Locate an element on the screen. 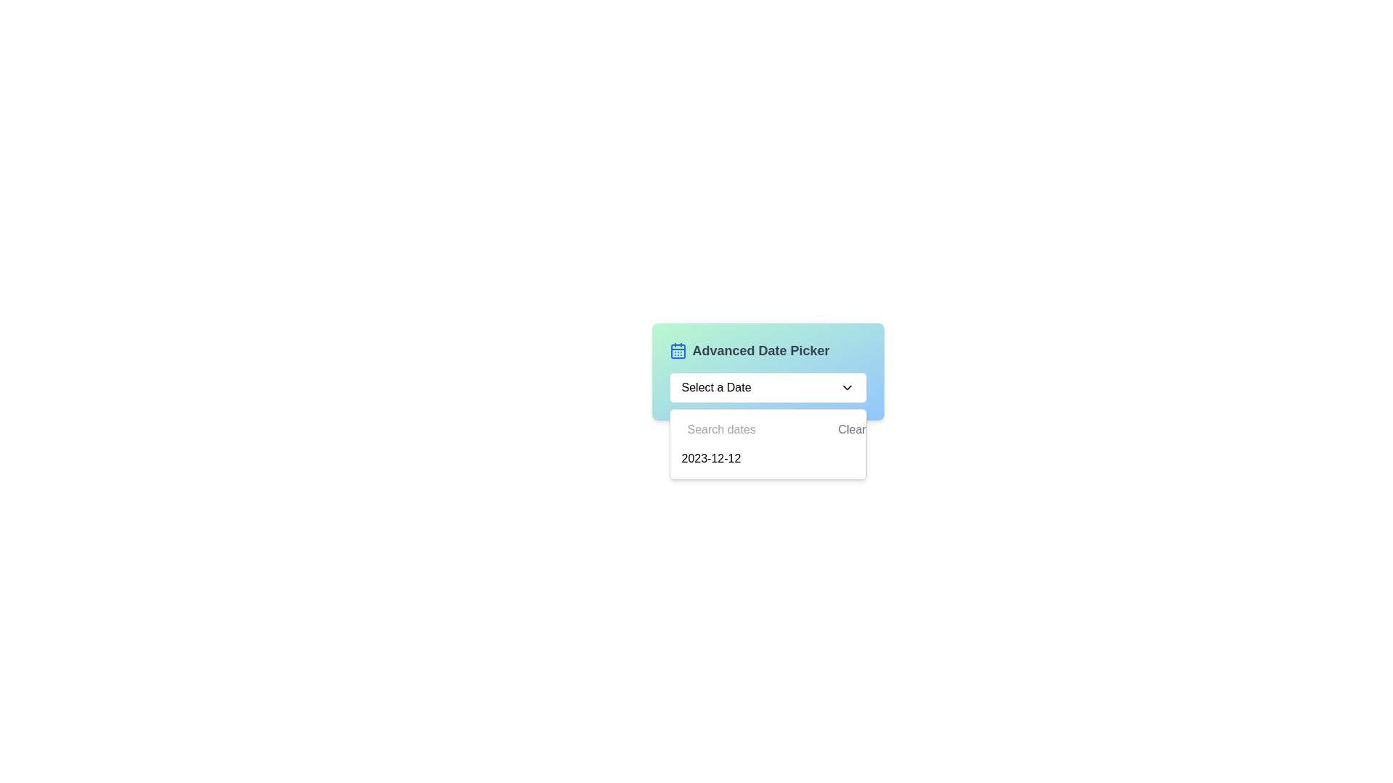  the selectable date option '2023-12-12' in the dropdown menu is located at coordinates (767, 458).